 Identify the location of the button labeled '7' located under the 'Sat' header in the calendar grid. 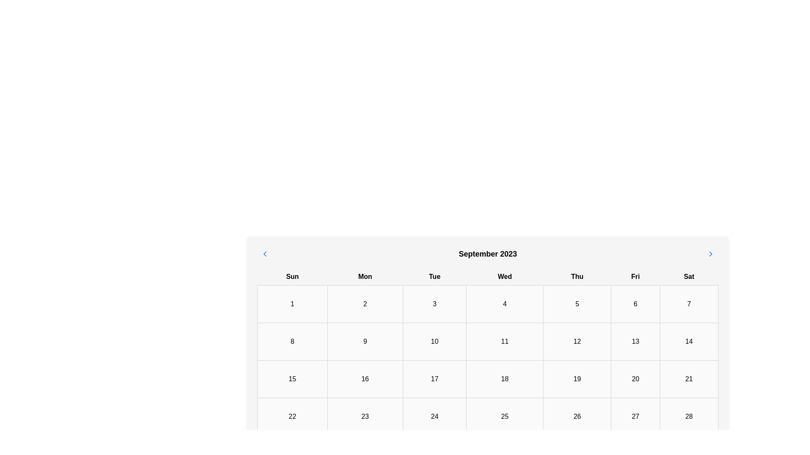
(689, 304).